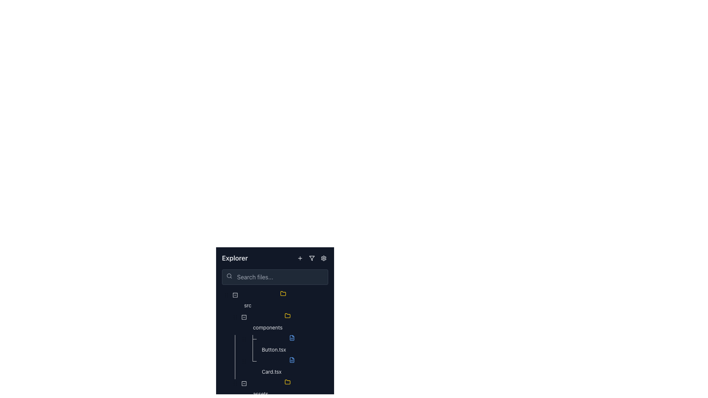 The image size is (708, 398). Describe the element at coordinates (293, 361) in the screenshot. I see `the blue icon representing a file with brackets that is located to the left of the text label 'Card.tsx'` at that location.